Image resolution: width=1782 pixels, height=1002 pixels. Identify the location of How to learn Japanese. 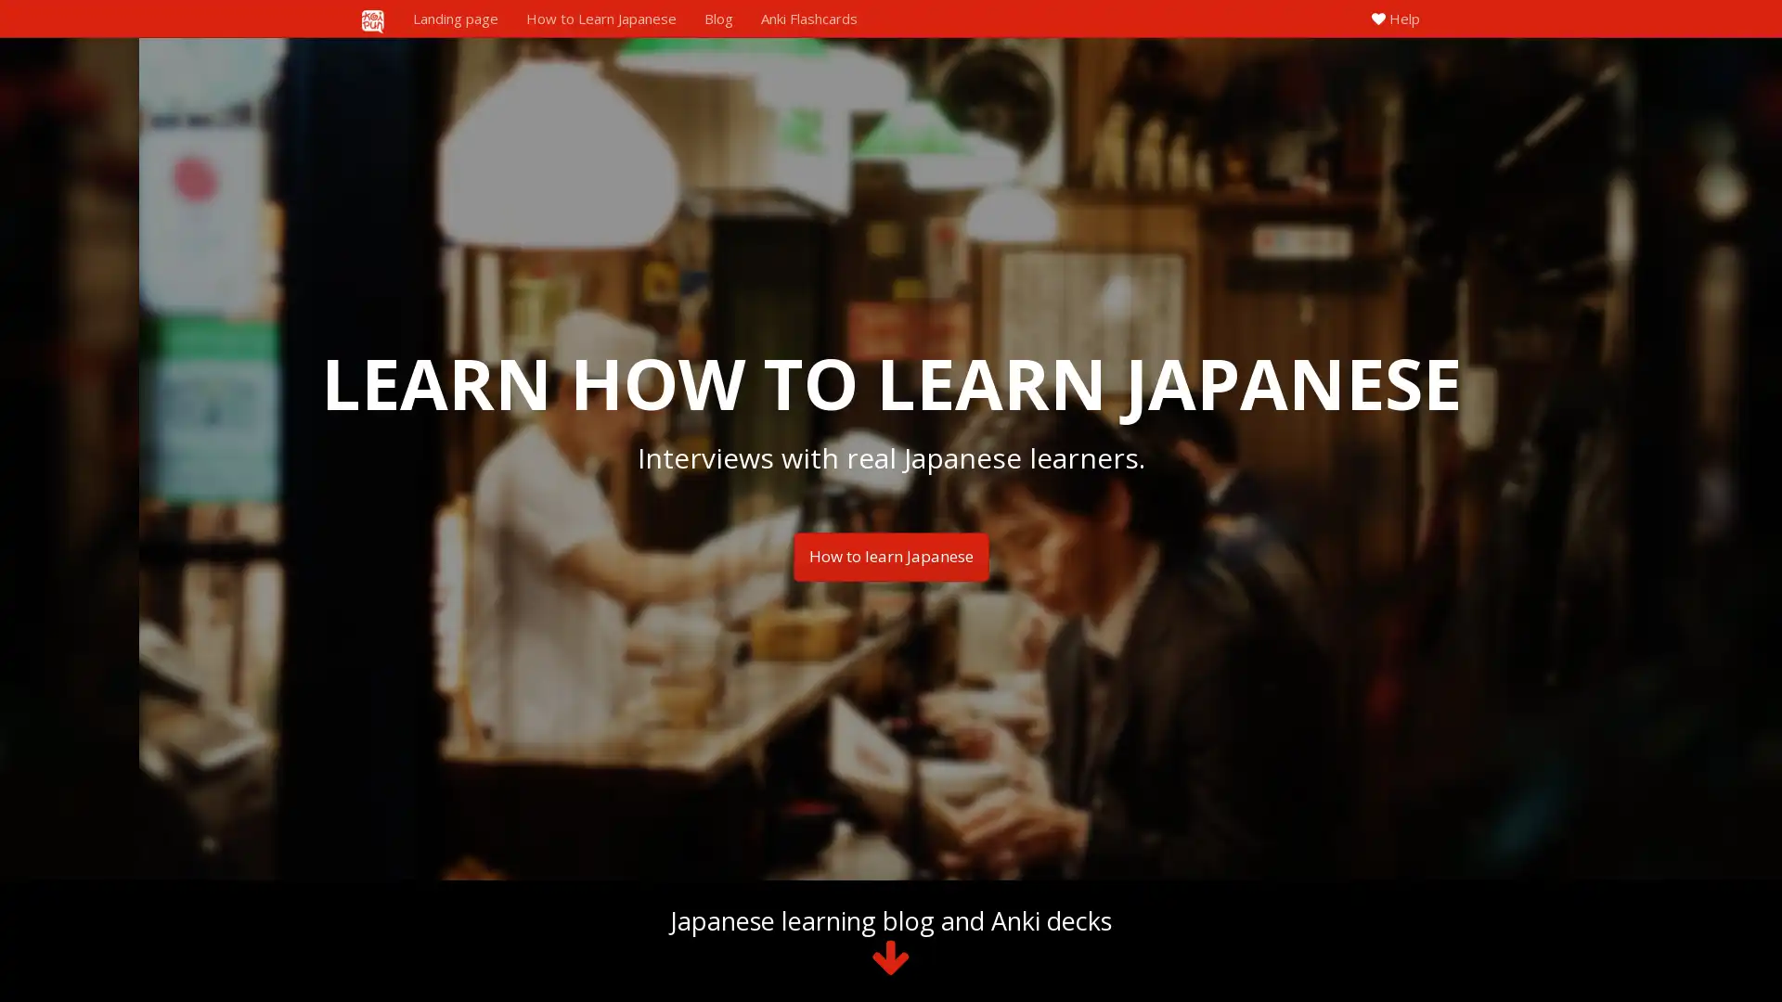
(889, 556).